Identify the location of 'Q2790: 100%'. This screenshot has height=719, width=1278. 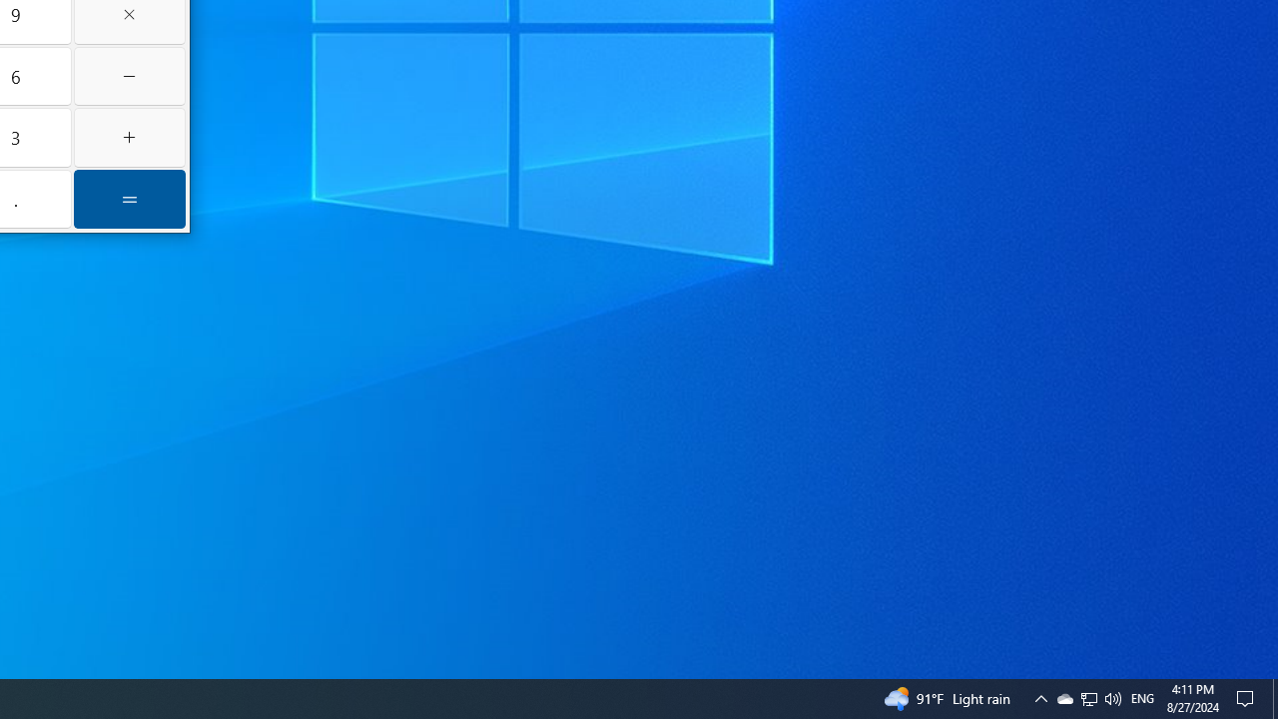
(1111, 697).